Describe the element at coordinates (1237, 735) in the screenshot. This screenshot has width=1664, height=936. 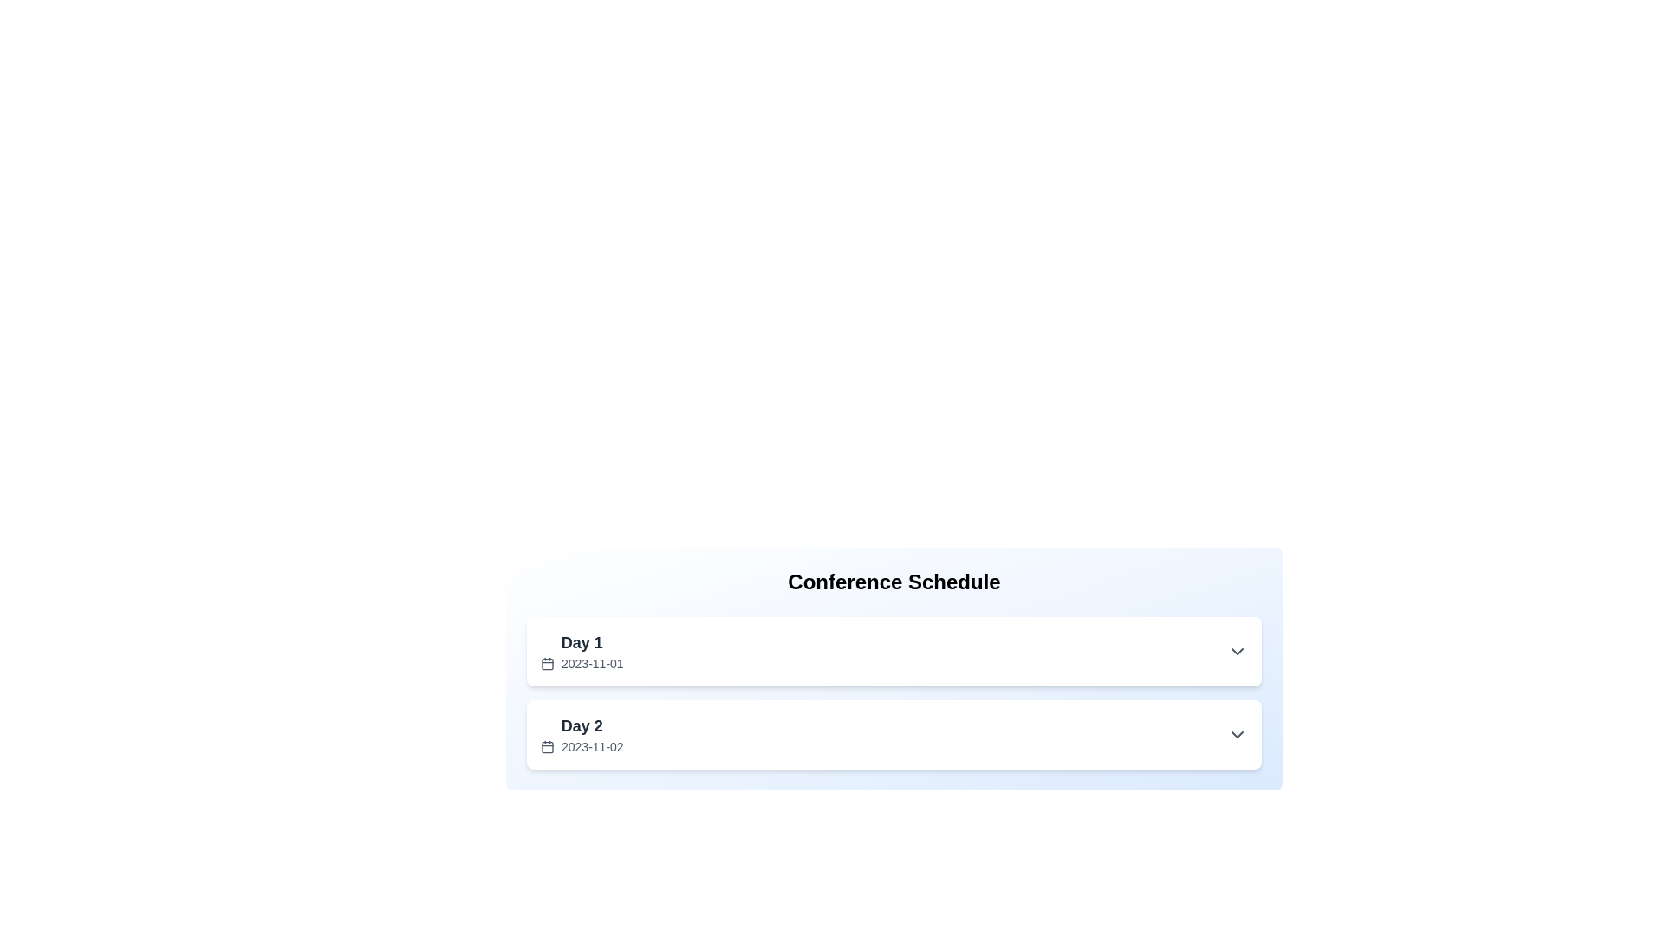
I see `the toggle button (chevron icon) on the right side of the 'Day 2' row` at that location.